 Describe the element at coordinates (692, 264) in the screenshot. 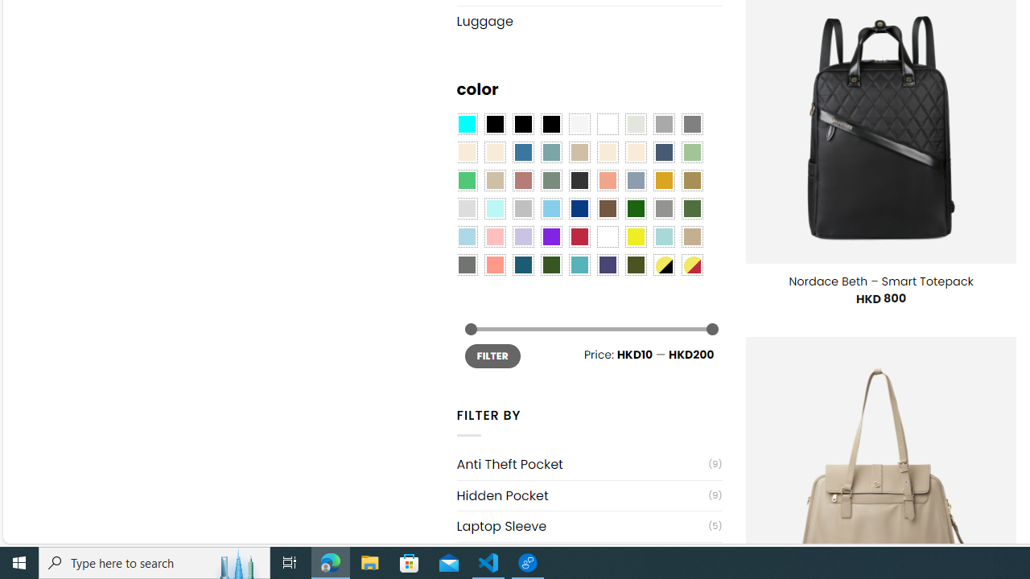

I see `'Yellow-Red'` at that location.